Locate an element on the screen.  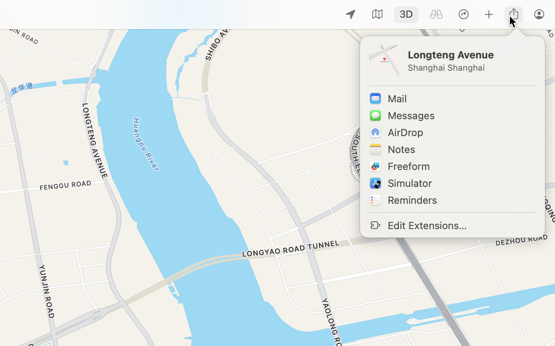
'Longteng Avenue' is located at coordinates (470, 55).